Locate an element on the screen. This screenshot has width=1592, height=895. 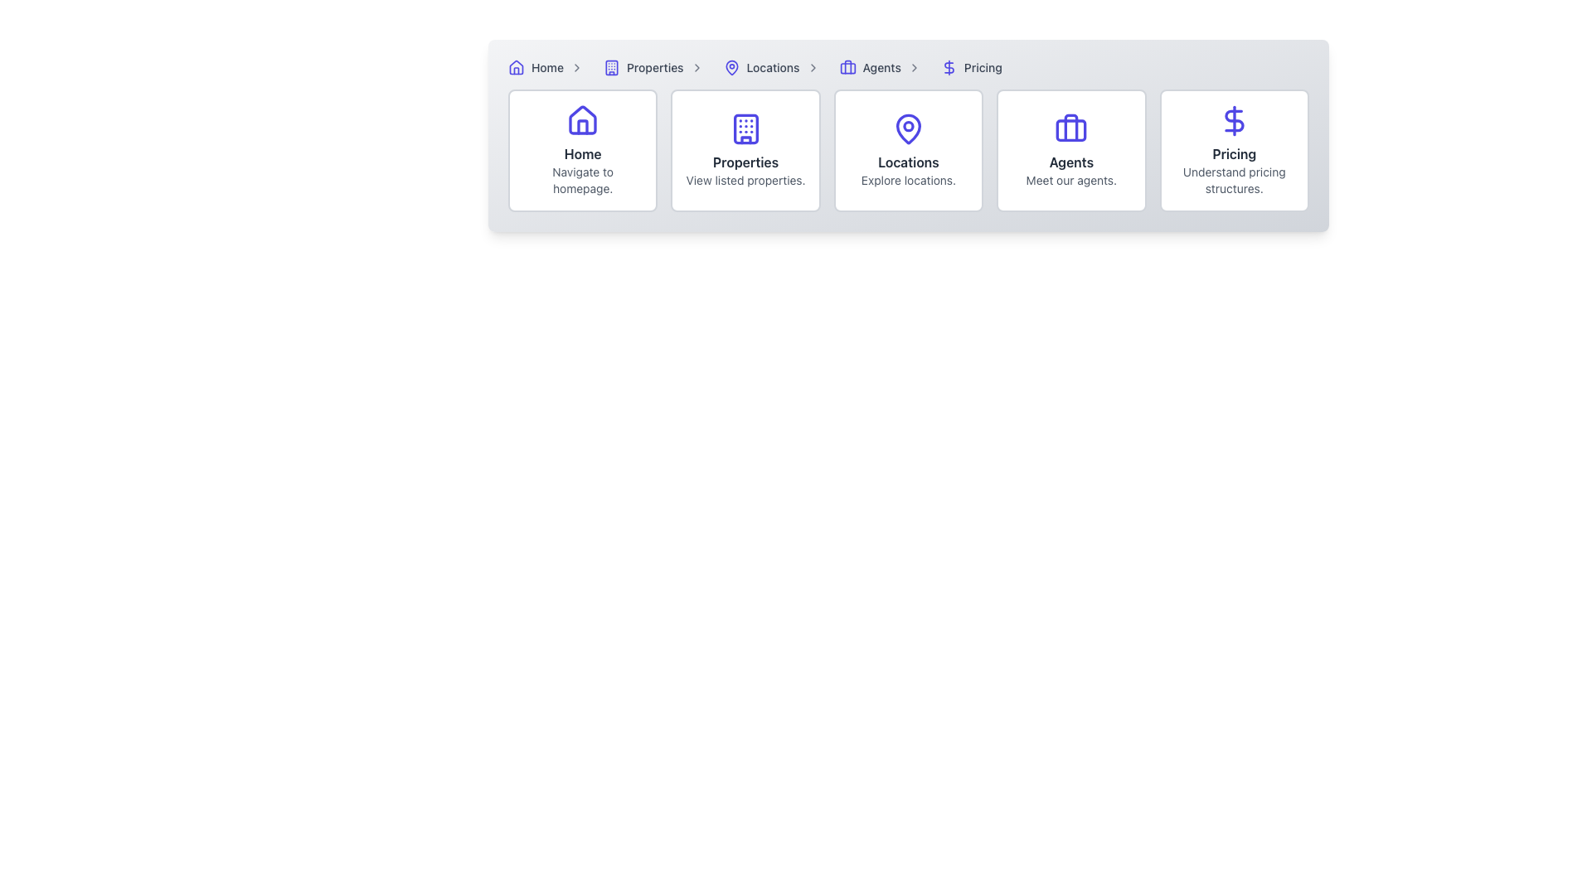
the informational card that provides details about pricing structures, located in the bottom-right corner of the grid layout, immediately to the right of the 'Agents' card is located at coordinates (1234, 150).